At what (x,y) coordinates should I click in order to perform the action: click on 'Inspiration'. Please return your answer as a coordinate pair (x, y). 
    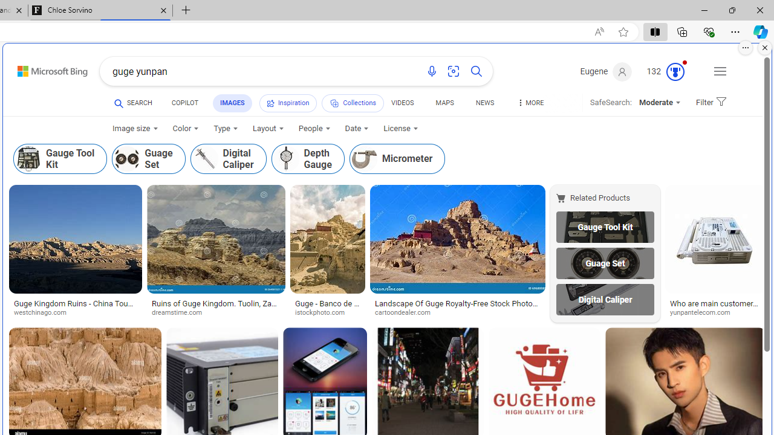
    Looking at the image, I should click on (287, 103).